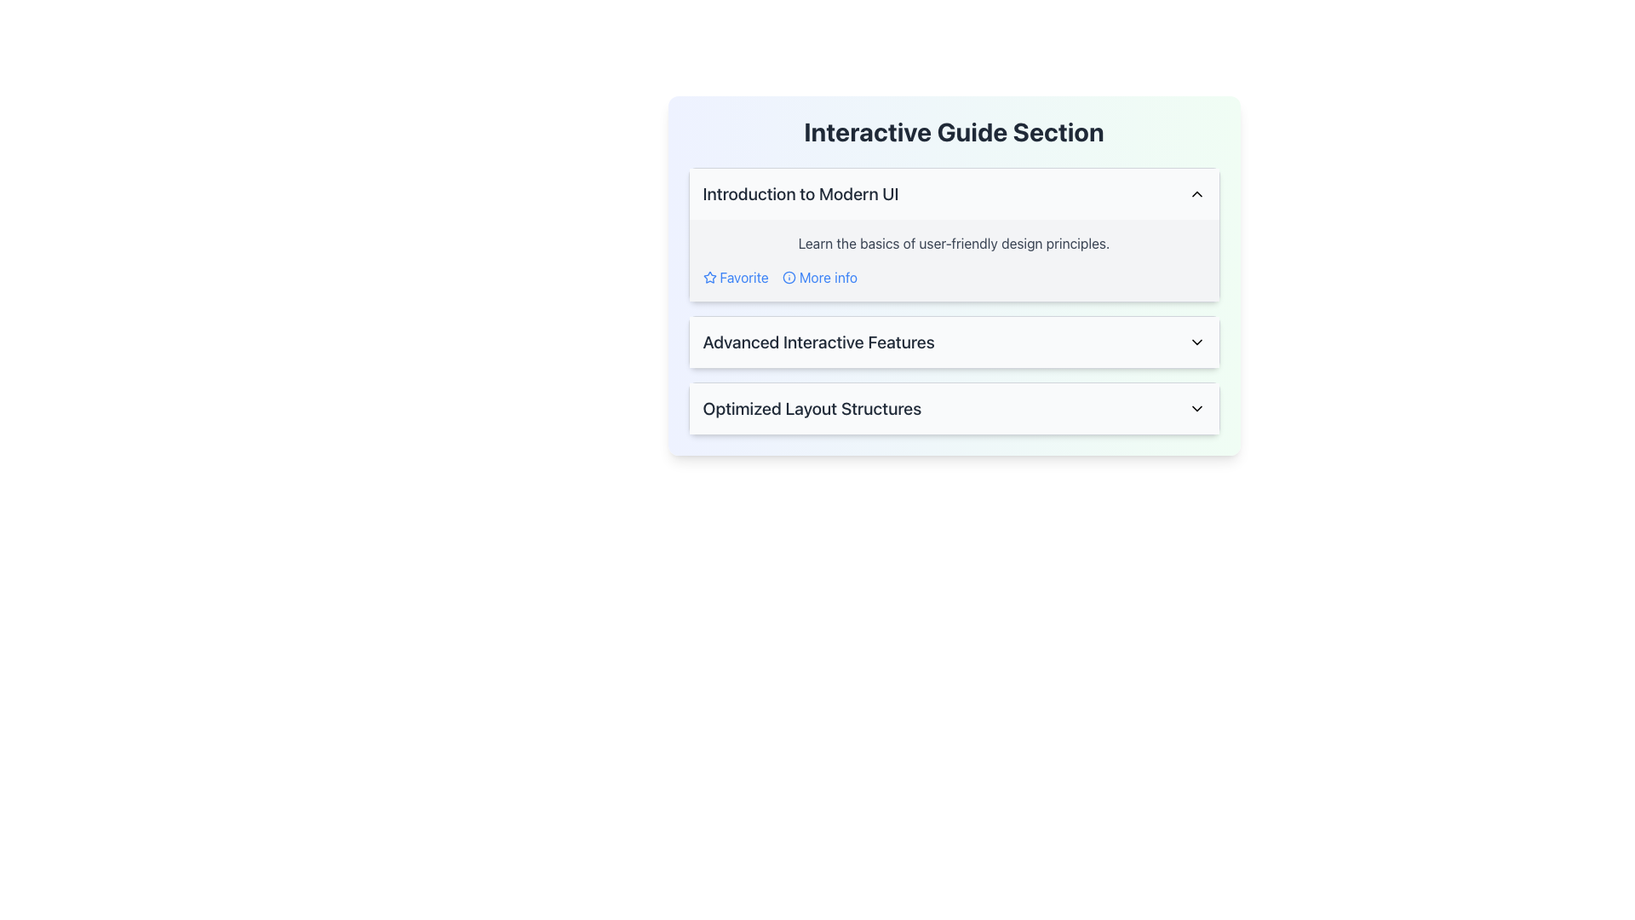 This screenshot has height=920, width=1635. I want to click on the star icon located to the left of the 'Favorite' text, so click(709, 277).